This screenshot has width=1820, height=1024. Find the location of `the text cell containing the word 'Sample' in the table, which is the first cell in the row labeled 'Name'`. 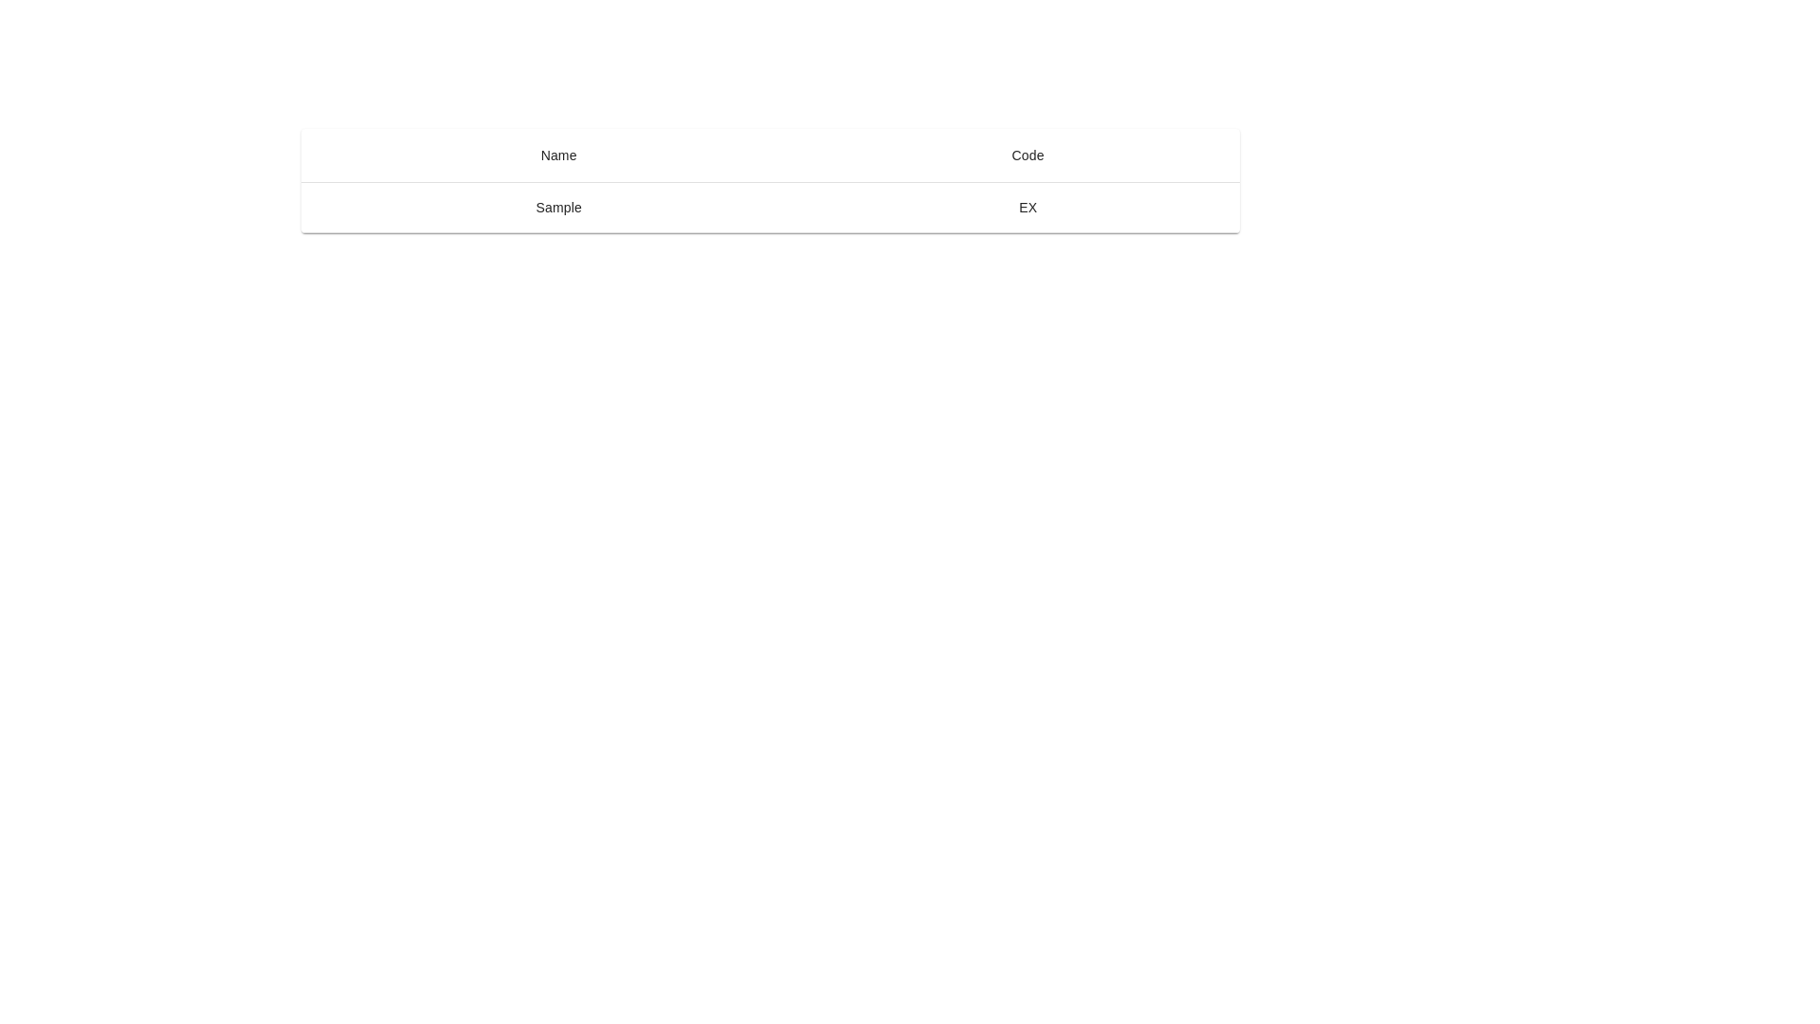

the text cell containing the word 'Sample' in the table, which is the first cell in the row labeled 'Name' is located at coordinates (557, 208).